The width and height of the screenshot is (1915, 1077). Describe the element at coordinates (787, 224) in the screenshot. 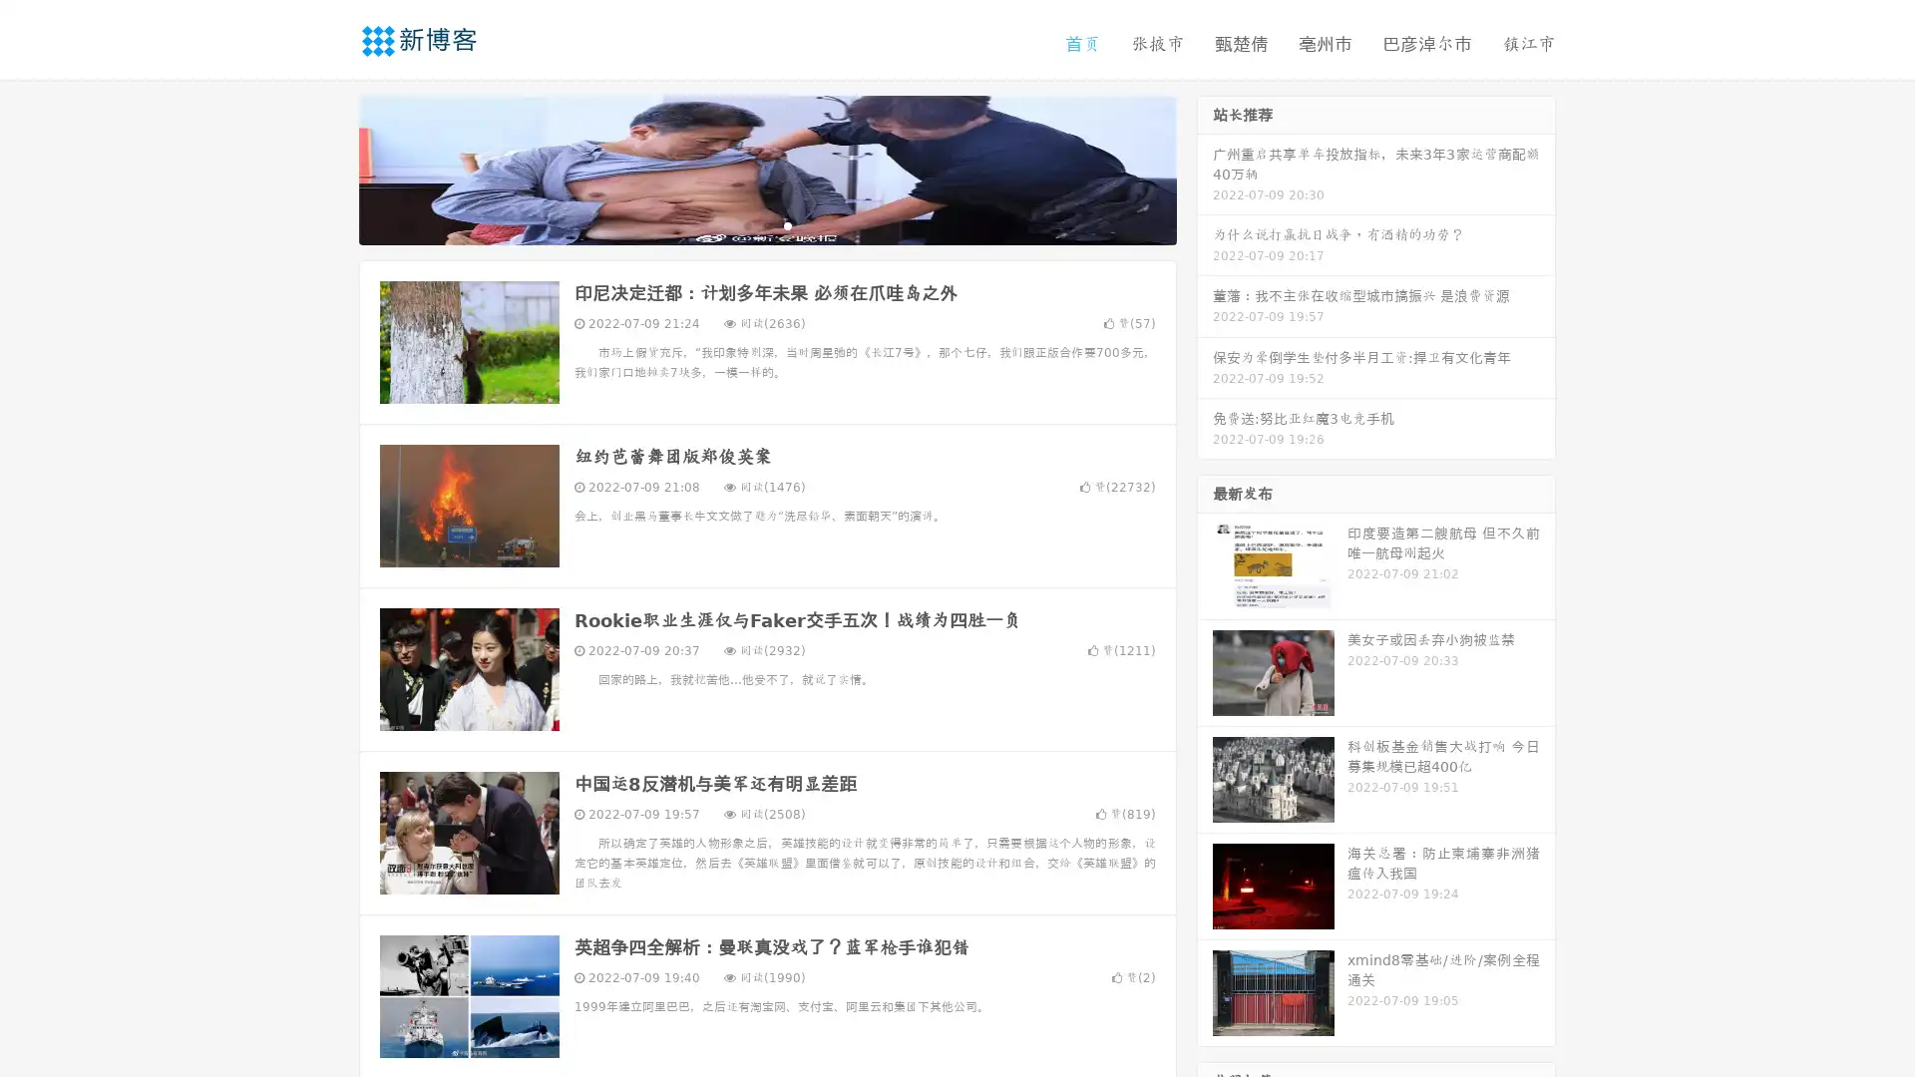

I see `Go to slide 3` at that location.